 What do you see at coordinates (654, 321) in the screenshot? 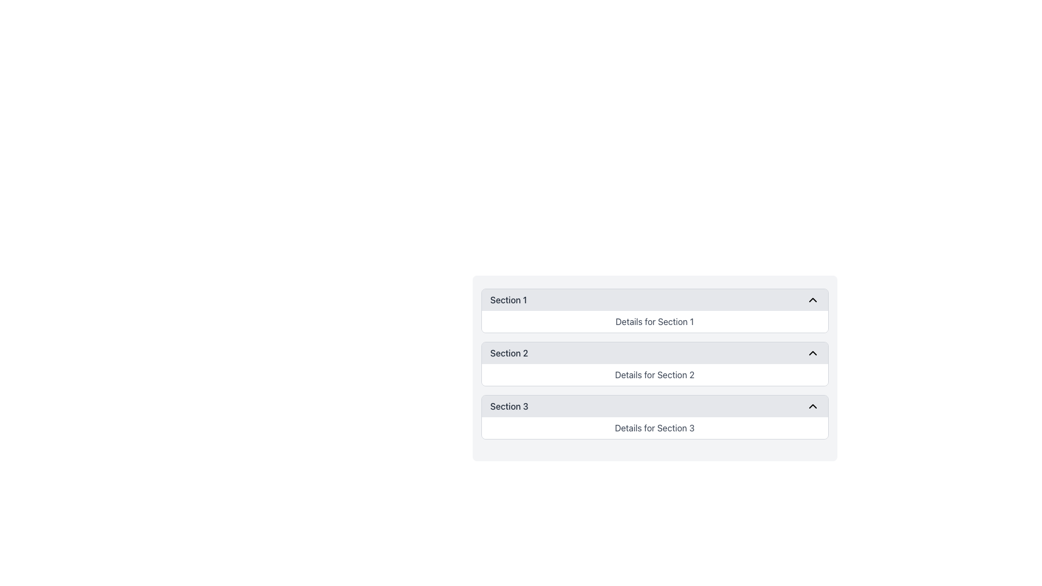
I see `text content of the text display element showing 'Details for Section 1', which is centrally aligned below the header 'Section 1'` at bounding box center [654, 321].